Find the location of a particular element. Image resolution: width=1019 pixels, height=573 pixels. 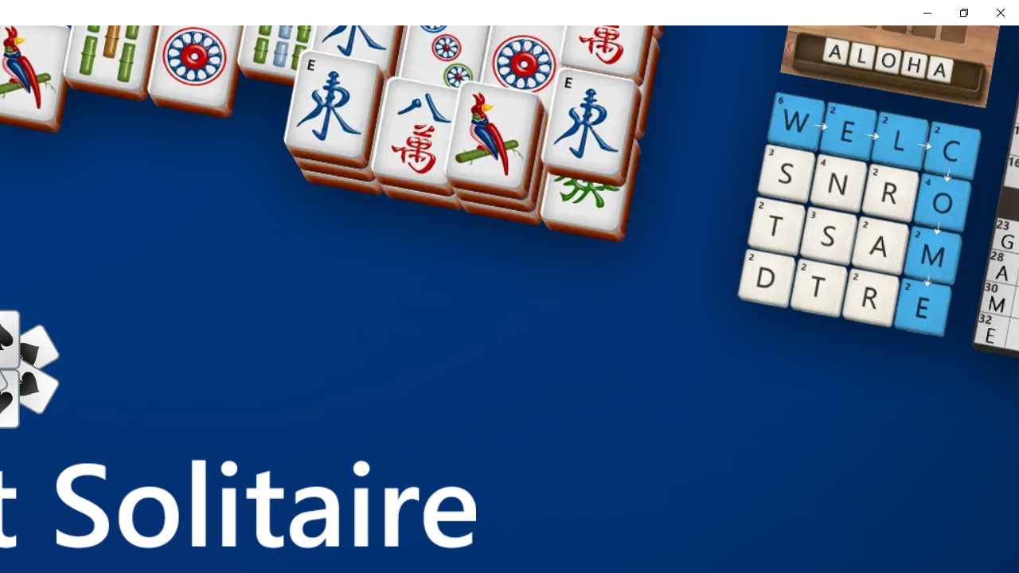

'Close Solitaire & Casual Games' is located at coordinates (999, 12).